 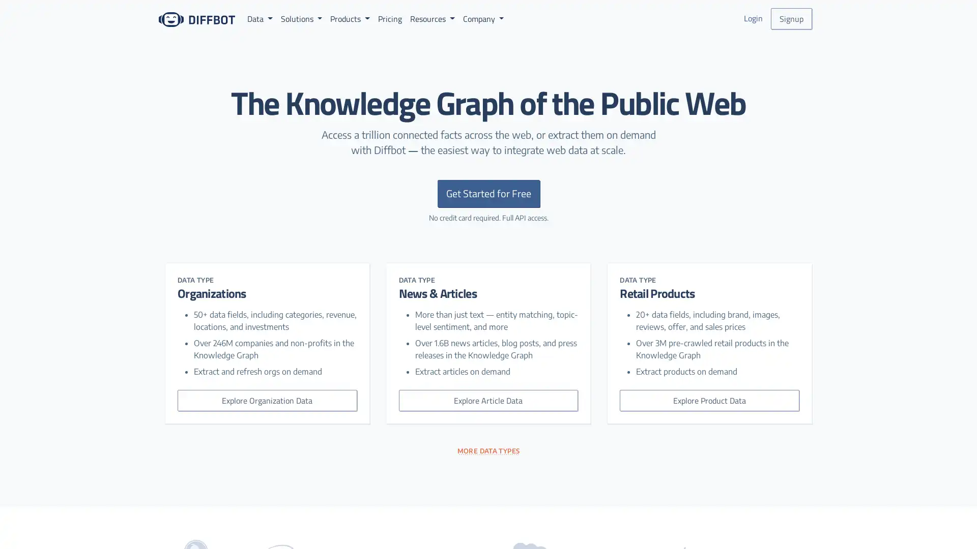 What do you see at coordinates (350, 19) in the screenshot?
I see `Products` at bounding box center [350, 19].